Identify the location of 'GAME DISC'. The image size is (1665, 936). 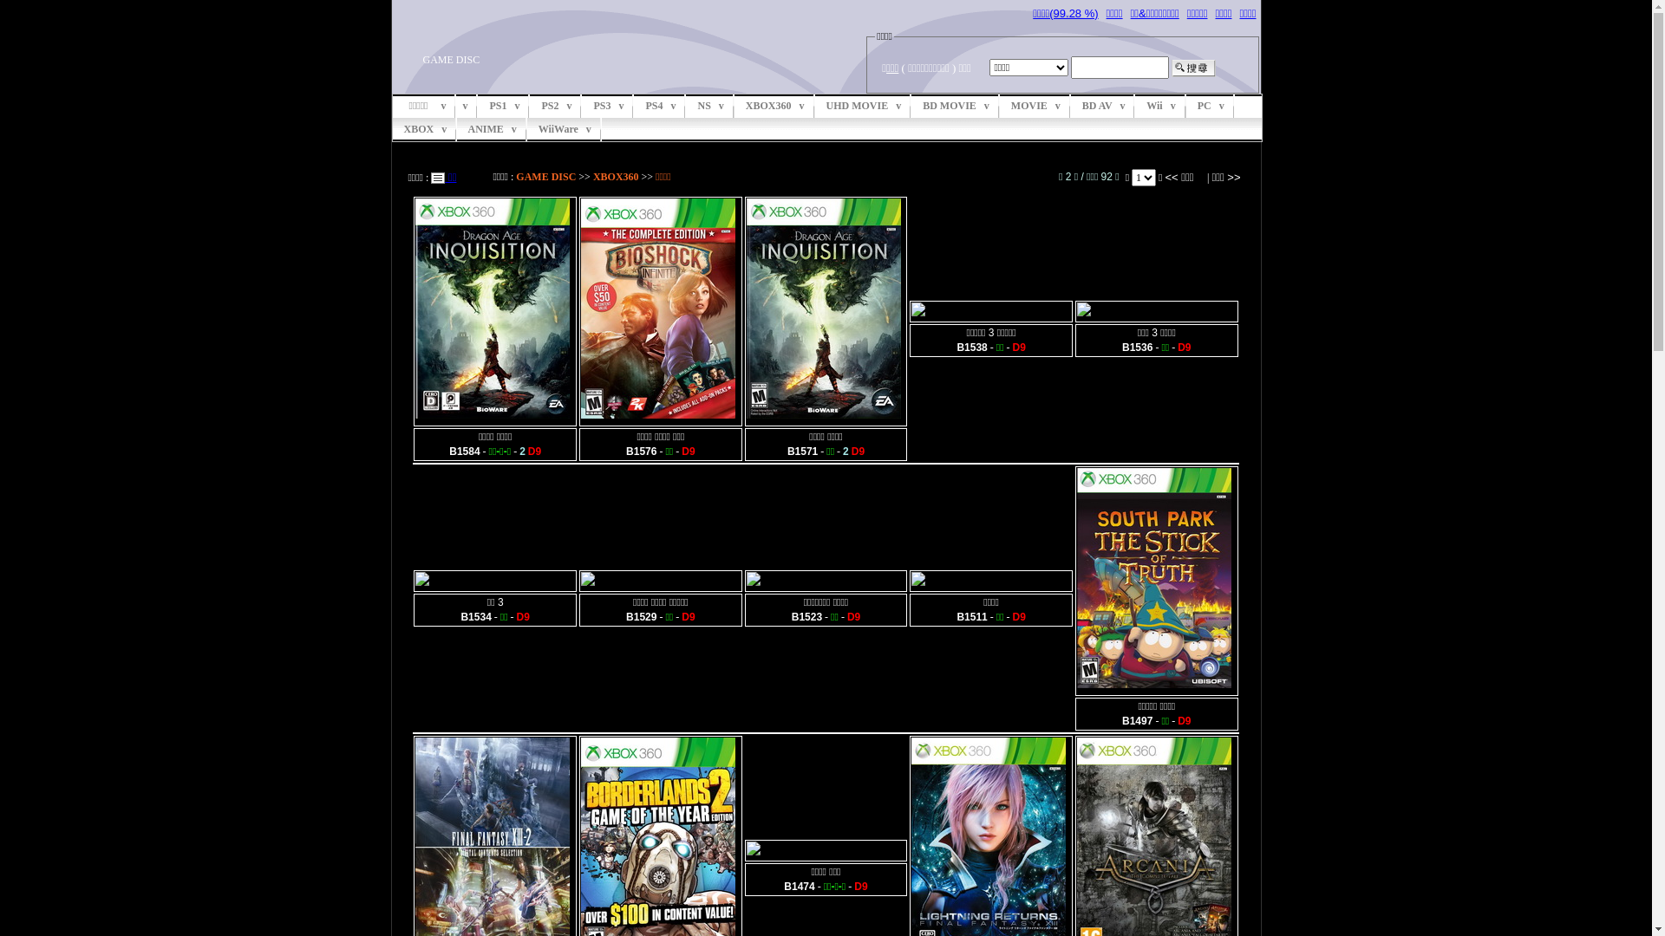
(545, 177).